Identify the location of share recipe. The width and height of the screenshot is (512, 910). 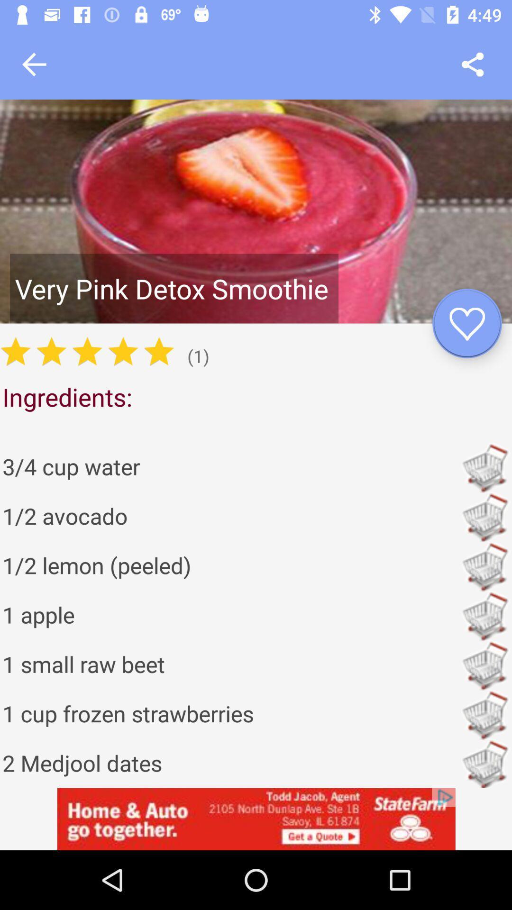
(473, 64).